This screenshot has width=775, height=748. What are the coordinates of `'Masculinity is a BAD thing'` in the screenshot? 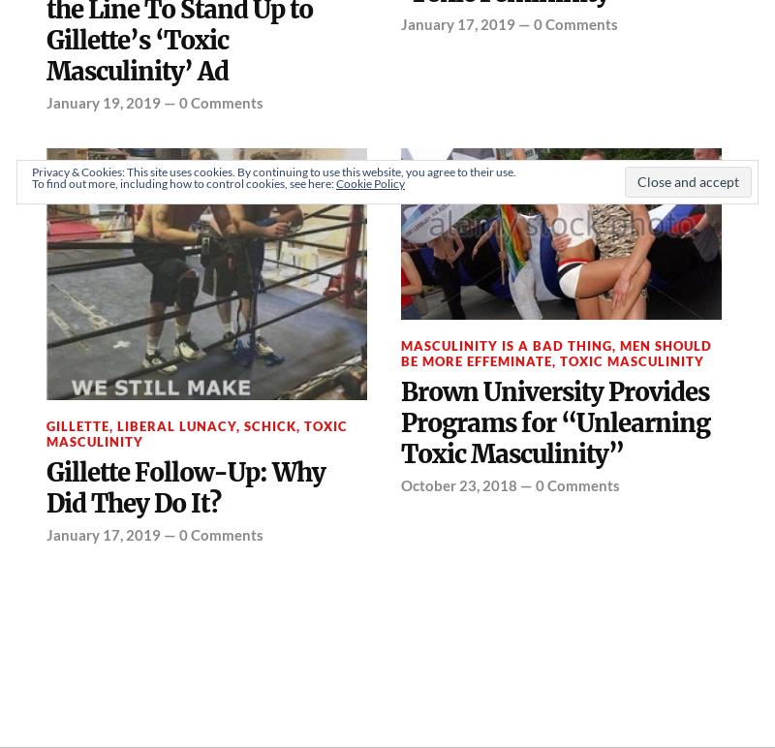 It's located at (506, 344).